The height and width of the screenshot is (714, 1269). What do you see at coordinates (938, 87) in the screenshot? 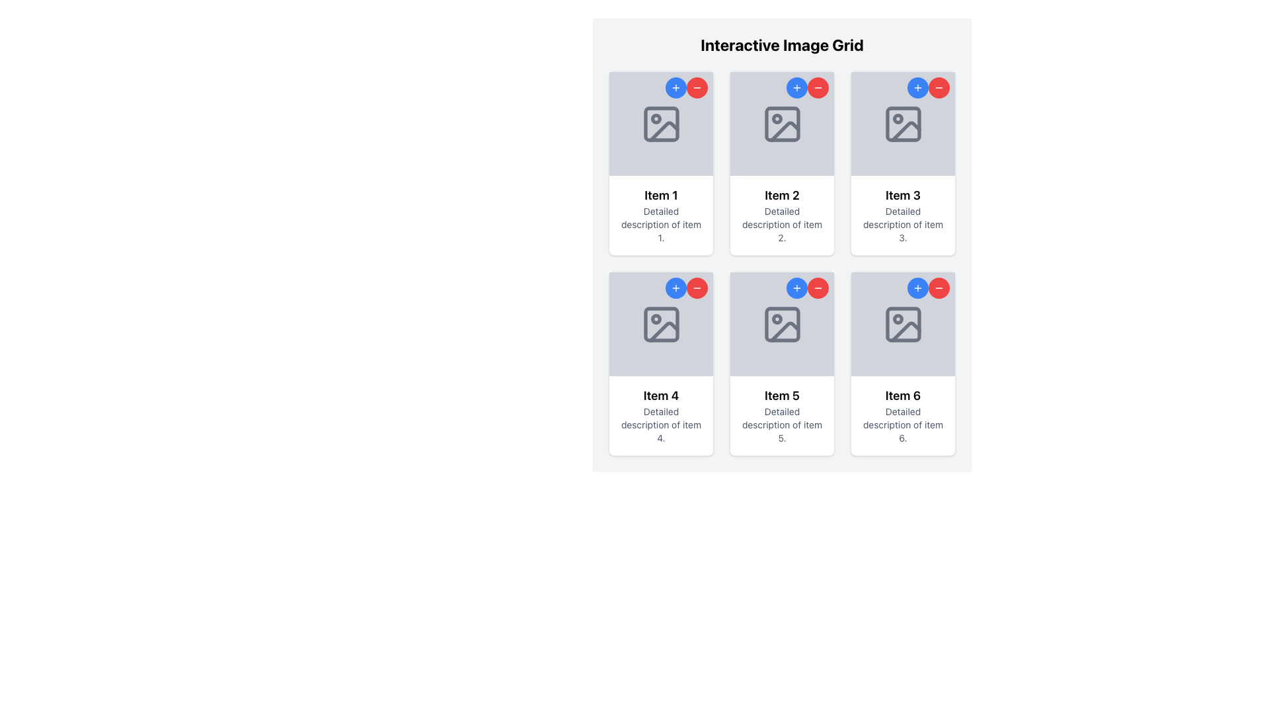
I see `the circular red button with a white minus symbol located on the upper-right side of the third item in a grid layout` at bounding box center [938, 87].